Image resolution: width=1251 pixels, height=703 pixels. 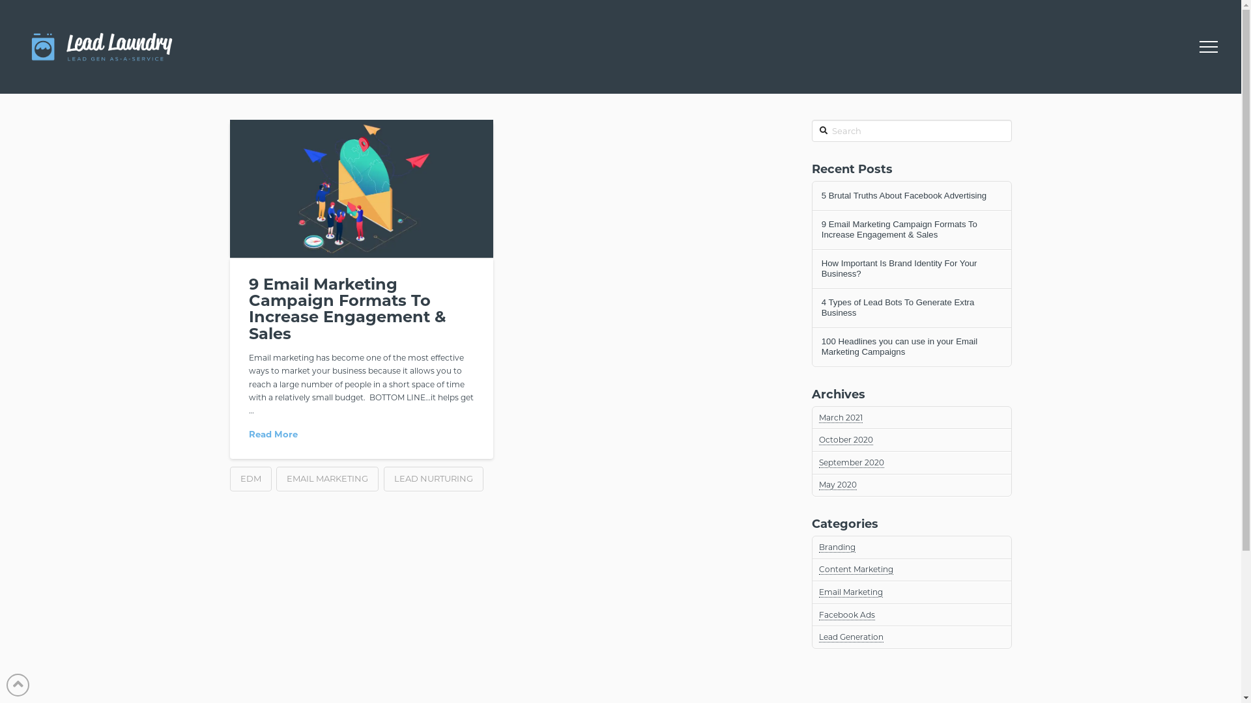 What do you see at coordinates (821, 308) in the screenshot?
I see `'4 Types of Lead Bots To Generate Extra Business'` at bounding box center [821, 308].